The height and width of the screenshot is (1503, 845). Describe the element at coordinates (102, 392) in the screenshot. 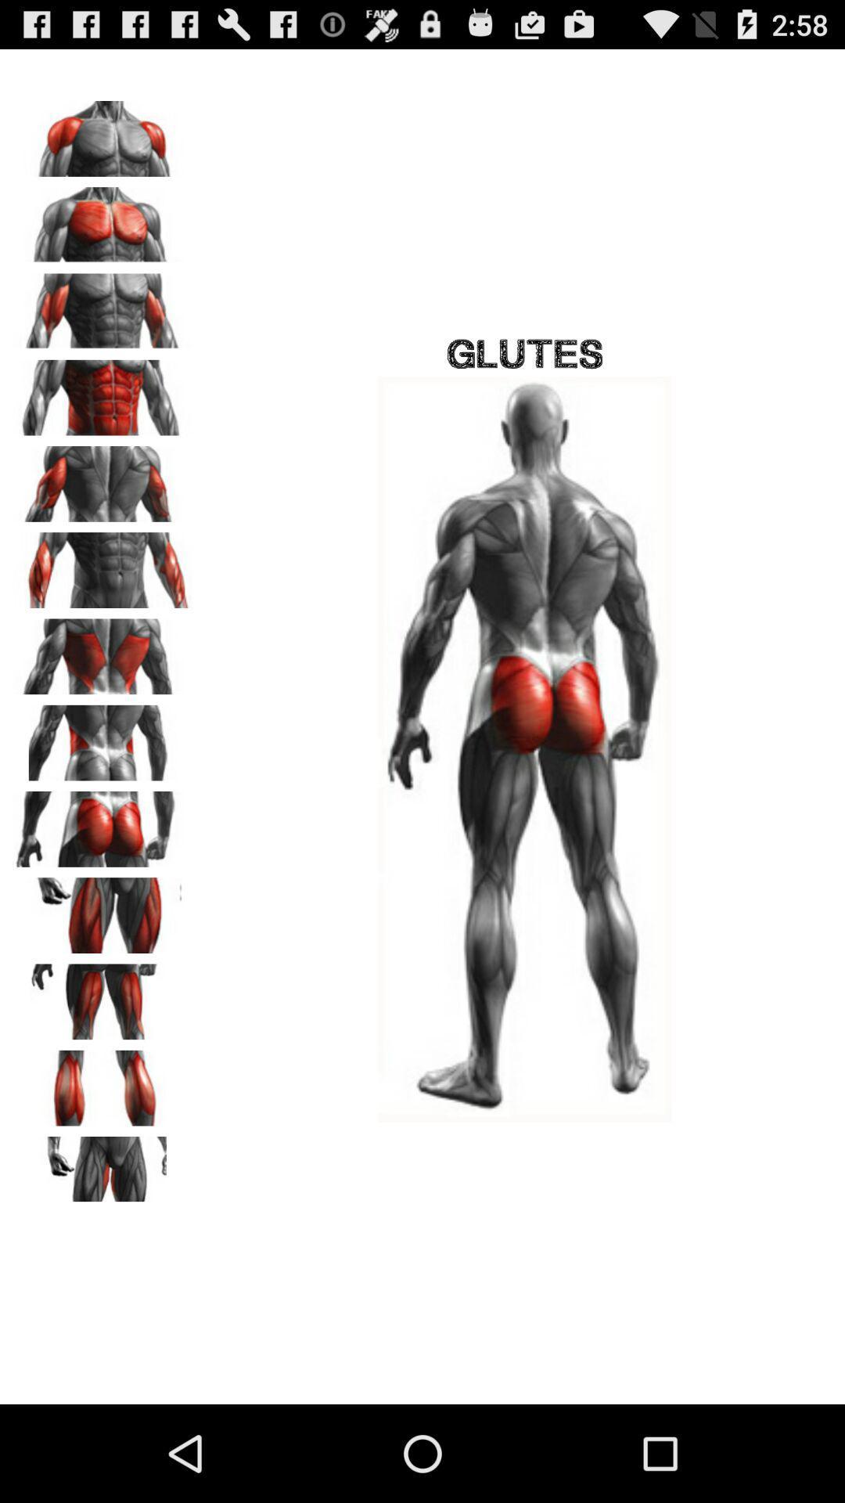

I see `abs view` at that location.